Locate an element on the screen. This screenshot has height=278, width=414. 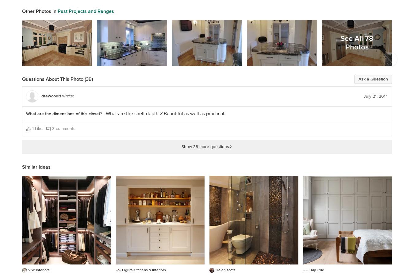
'VSP Interiors' is located at coordinates (39, 270).